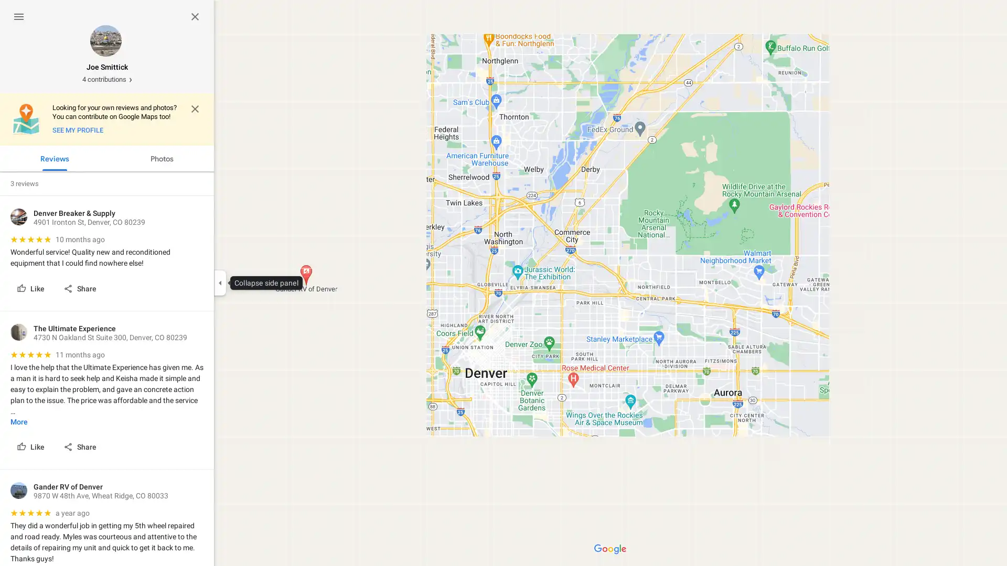 Image resolution: width=1007 pixels, height=566 pixels. Describe the element at coordinates (80, 288) in the screenshot. I see `Share Denver Breaker & Supply's review.` at that location.